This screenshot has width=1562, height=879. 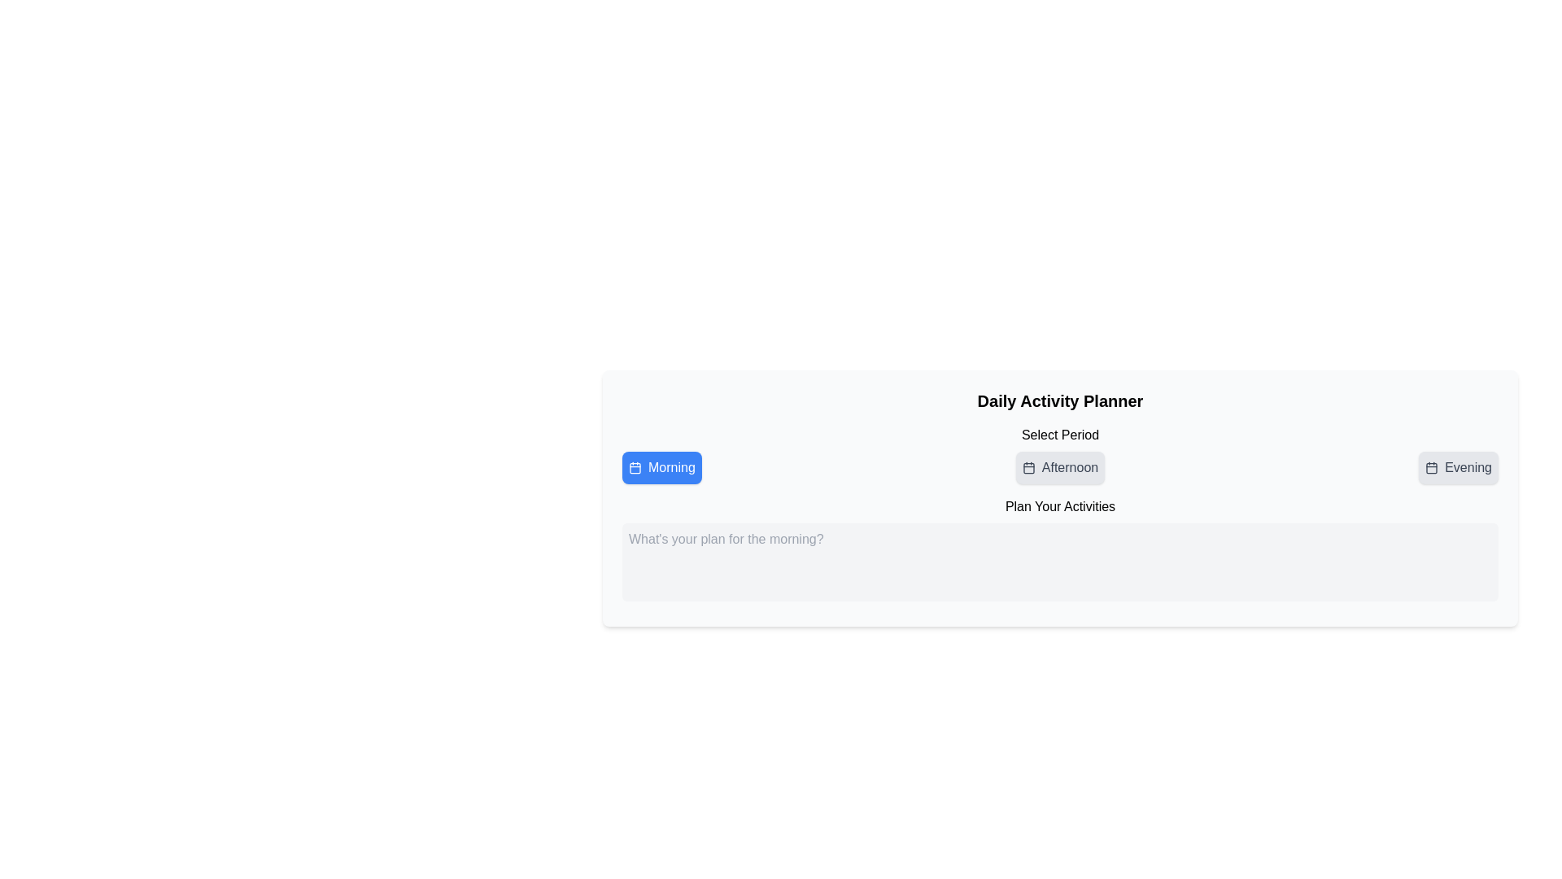 I want to click on the text label reading 'Evening' which is the third item in a horizontal sequence of day-period options within the 'Select Period' panel, so click(x=1468, y=467).